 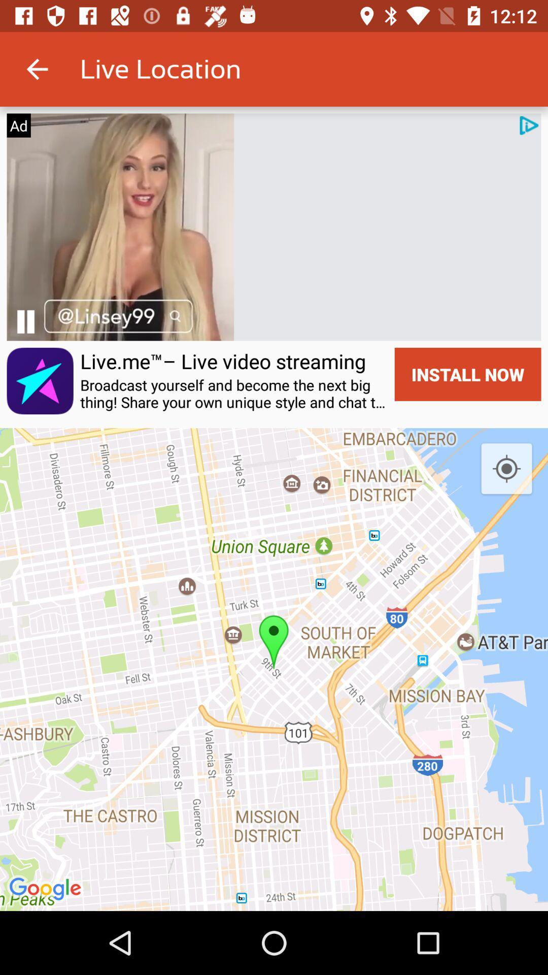 I want to click on item next to live me live, so click(x=40, y=380).